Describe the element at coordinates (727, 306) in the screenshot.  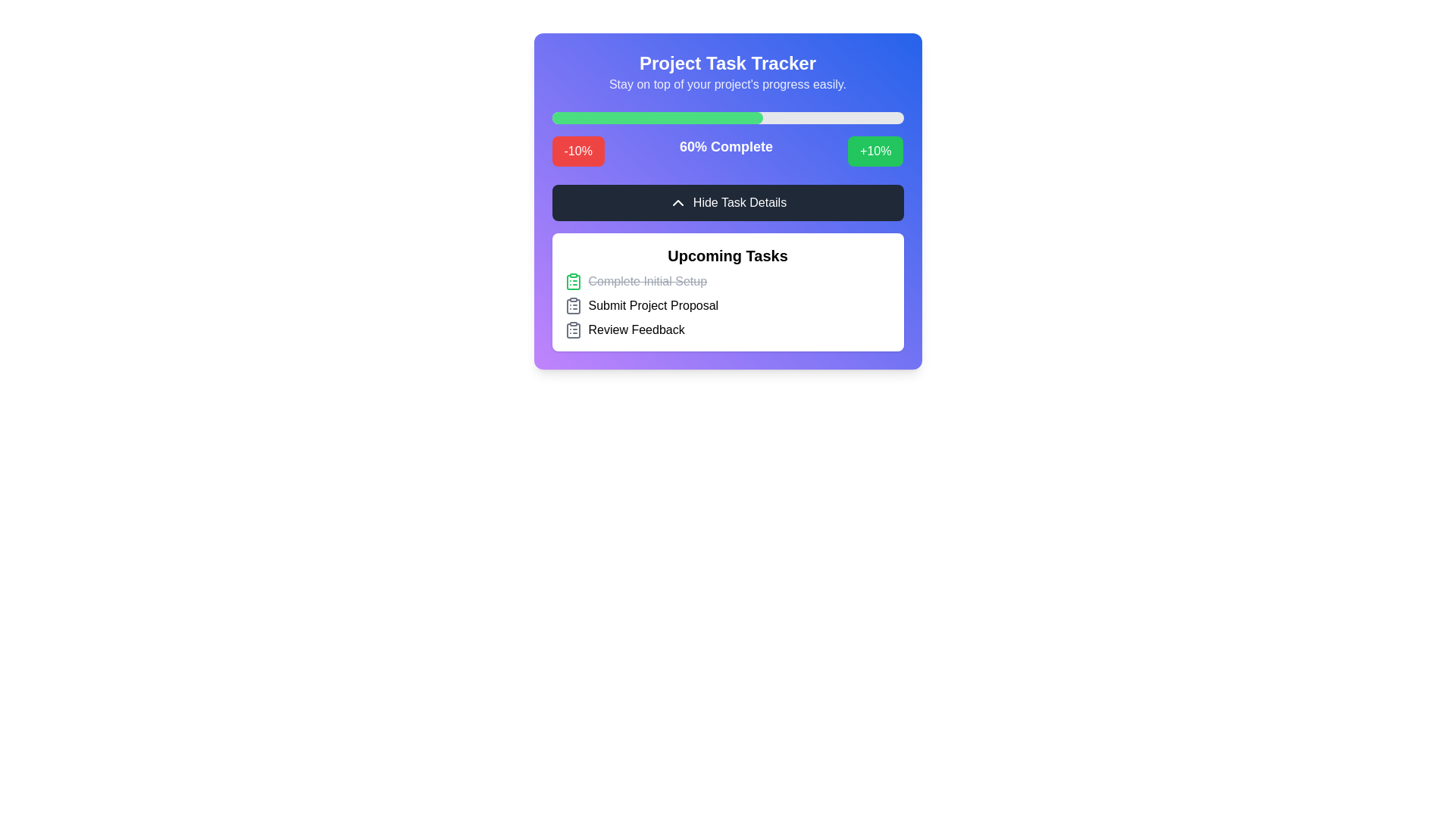
I see `the 'Submit Project Proposal' task item in the Upcoming Tasks list` at that location.